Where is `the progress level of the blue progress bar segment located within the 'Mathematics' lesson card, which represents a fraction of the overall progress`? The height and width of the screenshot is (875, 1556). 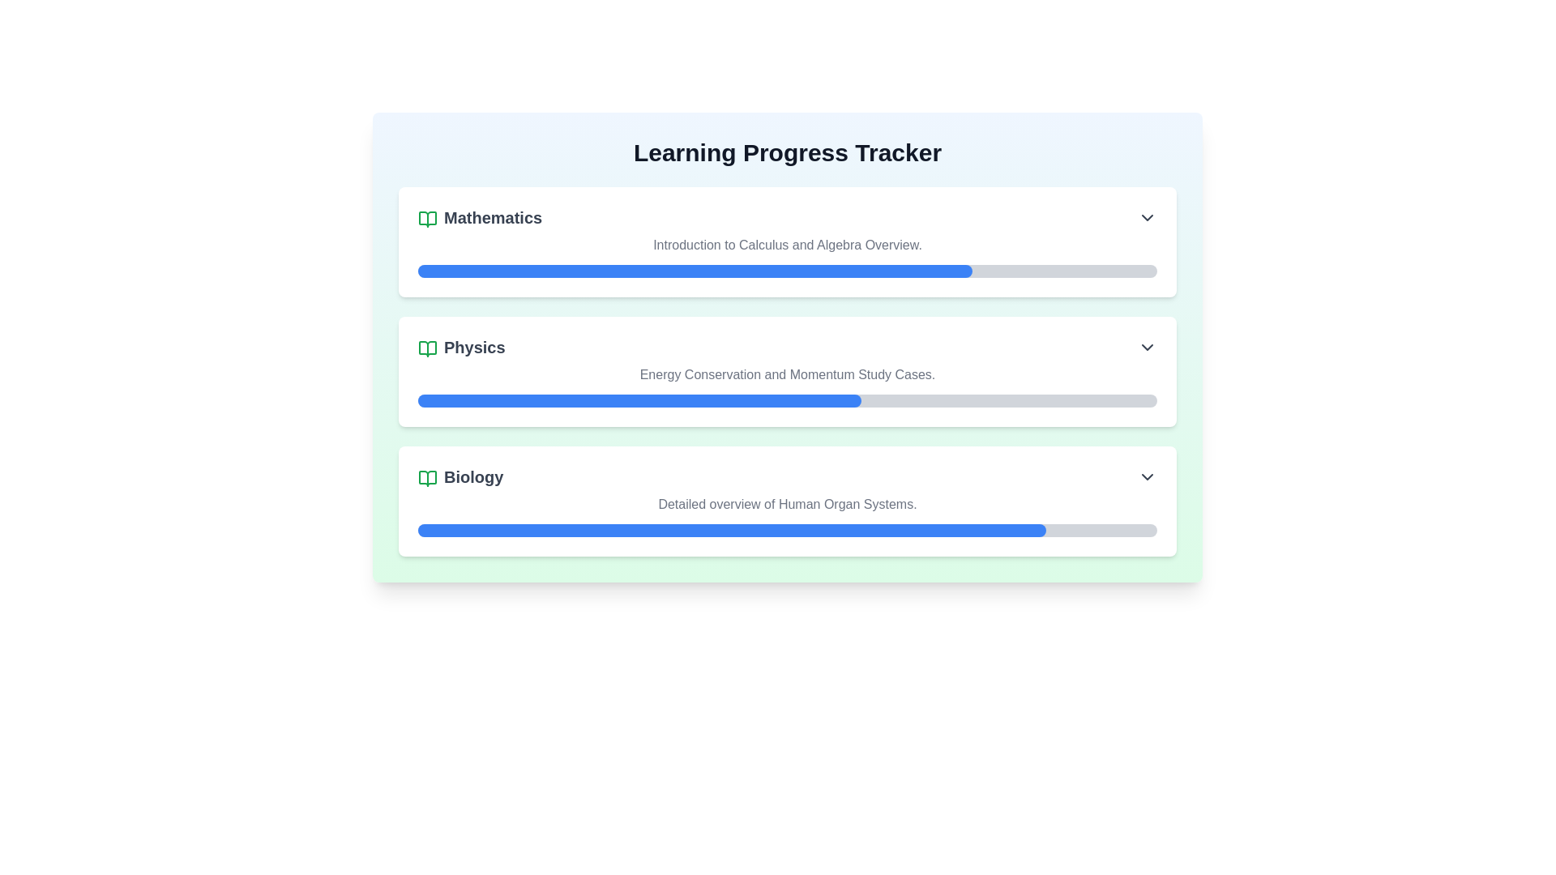 the progress level of the blue progress bar segment located within the 'Mathematics' lesson card, which represents a fraction of the overall progress is located at coordinates (695, 271).